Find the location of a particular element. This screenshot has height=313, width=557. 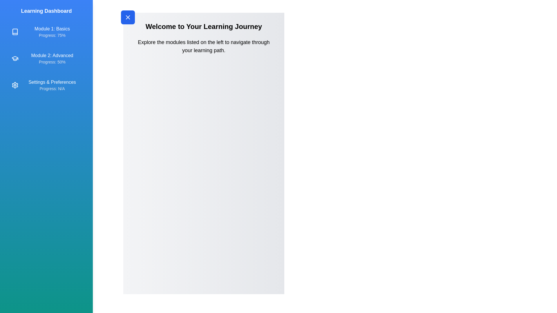

the module titled Module 2: Advanced from the list is located at coordinates (46, 58).